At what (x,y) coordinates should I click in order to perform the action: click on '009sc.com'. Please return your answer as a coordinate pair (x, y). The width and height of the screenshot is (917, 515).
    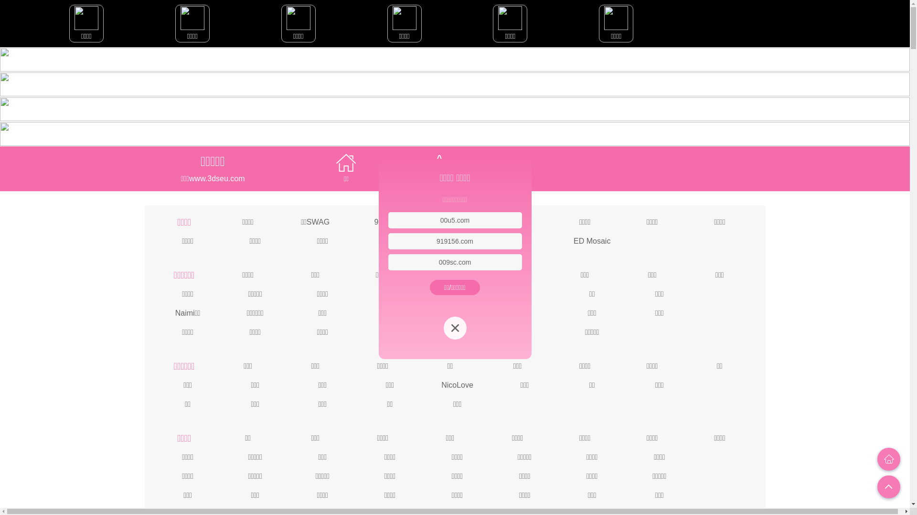
    Looking at the image, I should click on (438, 262).